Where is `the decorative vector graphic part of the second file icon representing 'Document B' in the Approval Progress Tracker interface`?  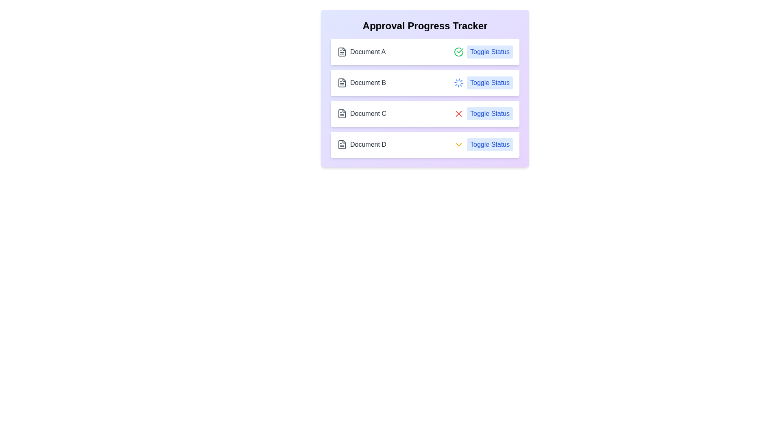
the decorative vector graphic part of the second file icon representing 'Document B' in the Approval Progress Tracker interface is located at coordinates (342, 83).